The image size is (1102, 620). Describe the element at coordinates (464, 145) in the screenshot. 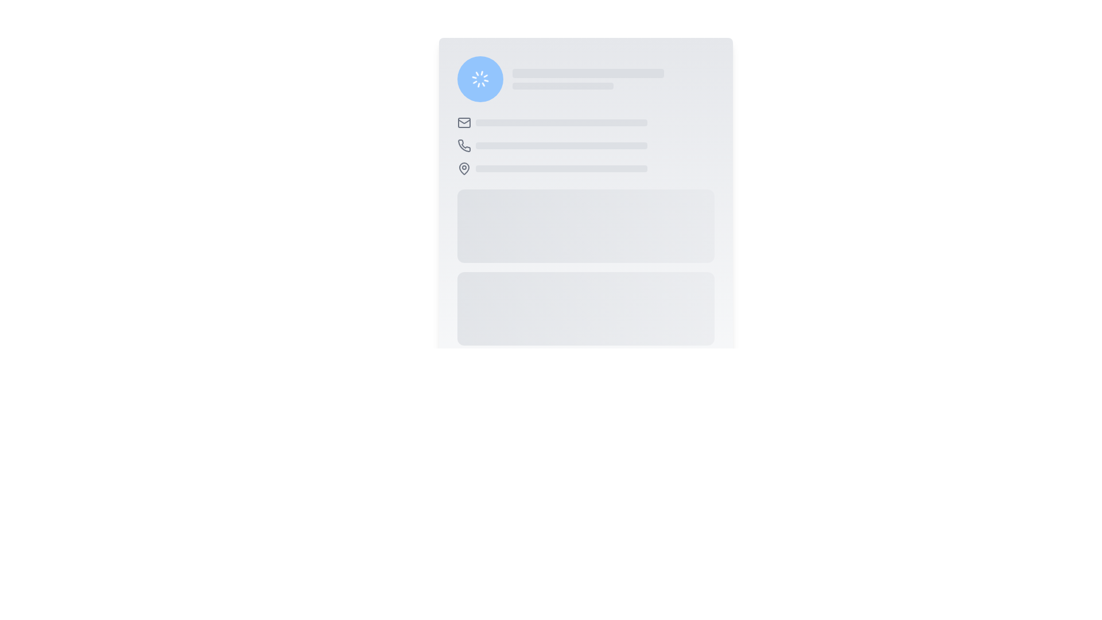

I see `the phone icon located at the top left quadrant of the user interface, which represents calling functionality and precedes a gray pulsating placeholder bar` at that location.